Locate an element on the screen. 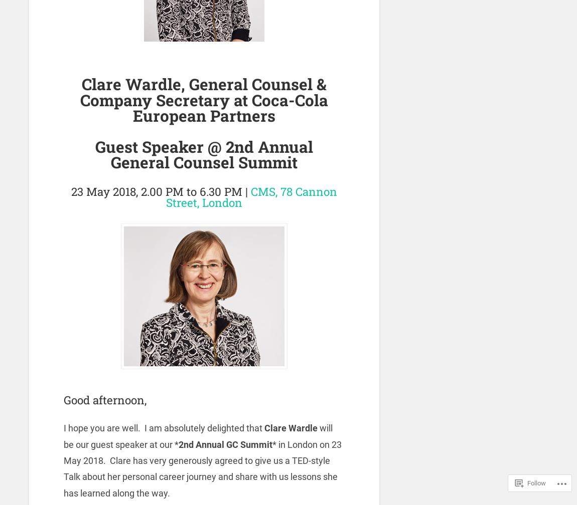 This screenshot has width=577, height=505. 'Clare Wardle, General Counsel & Company Secretary at Coca-Cola European Partners' is located at coordinates (203, 100).